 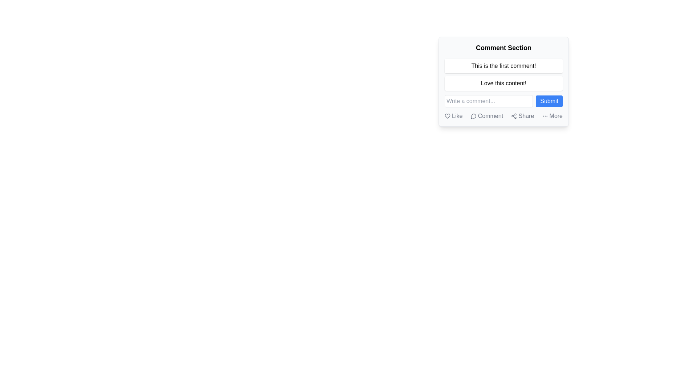 What do you see at coordinates (503, 116) in the screenshot?
I see `the horizontal action menu located at the bottom of the comment section` at bounding box center [503, 116].